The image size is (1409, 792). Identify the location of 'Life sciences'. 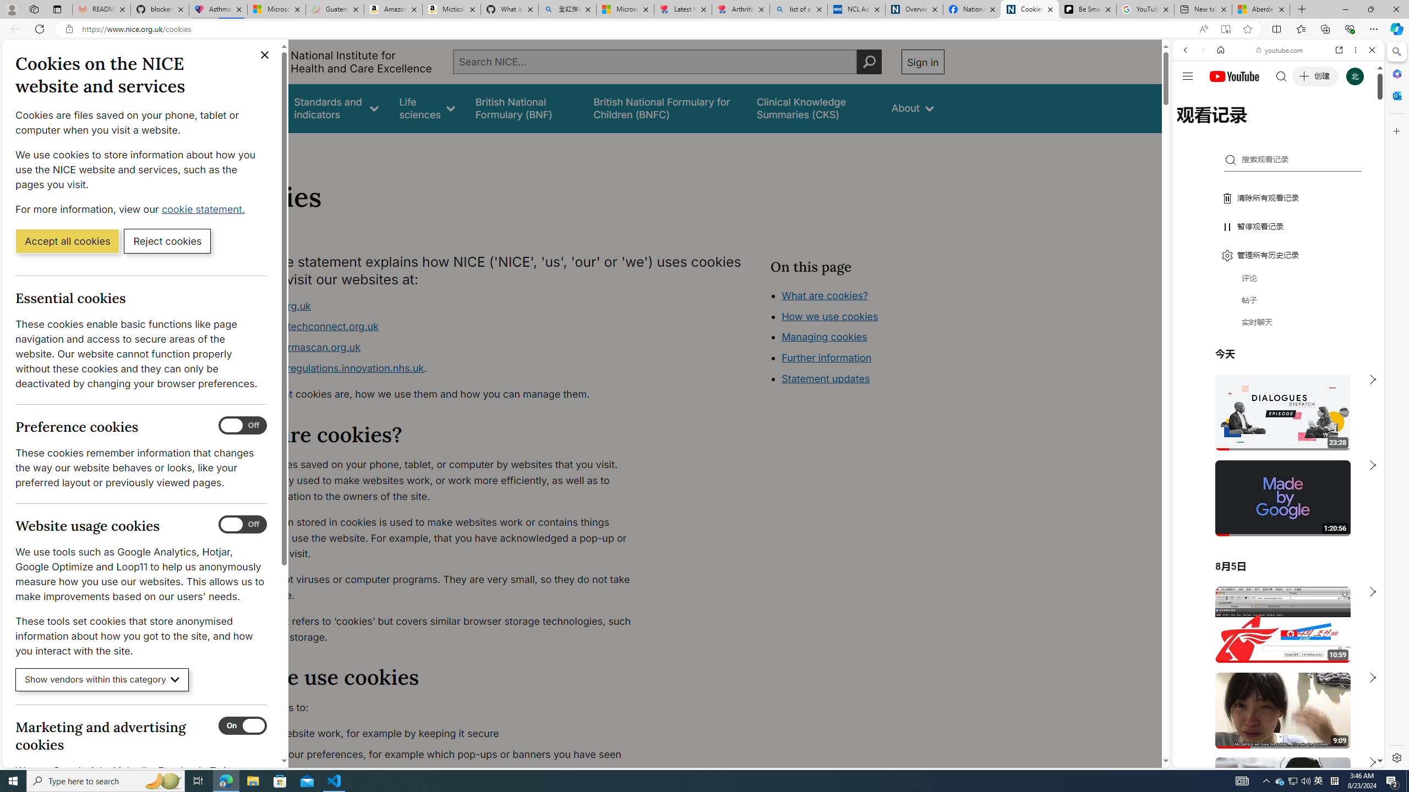
(426, 108).